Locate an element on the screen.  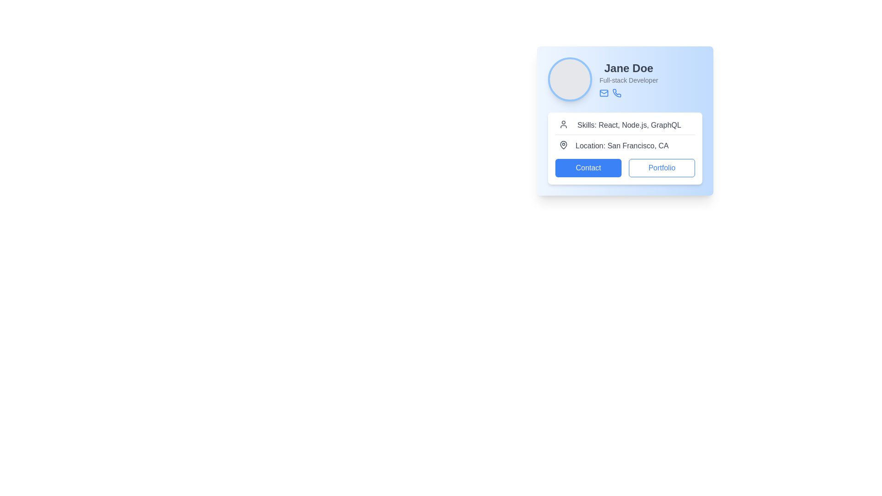
the text display showing 'Skills: React, Node.js, GraphQL' in dark gray, positioned to the right of the user icon and above the location text is located at coordinates (628, 125).